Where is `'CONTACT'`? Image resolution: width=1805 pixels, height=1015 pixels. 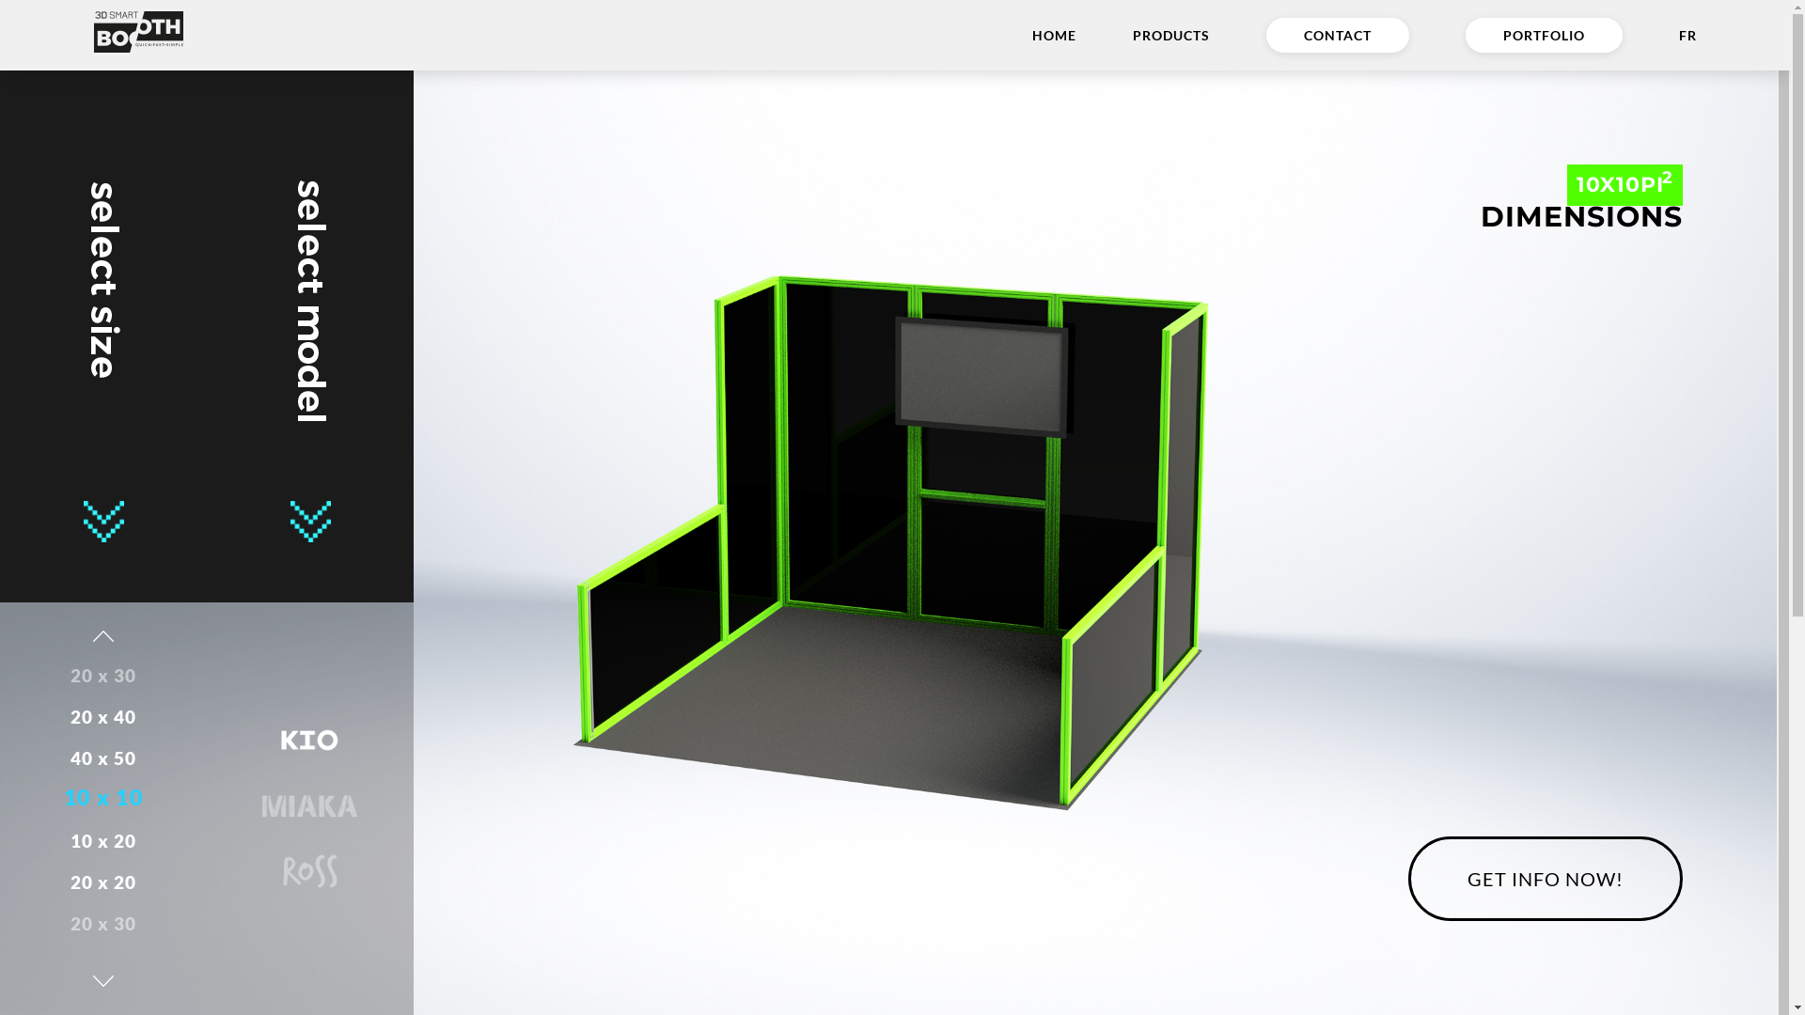
'CONTACT' is located at coordinates (1336, 35).